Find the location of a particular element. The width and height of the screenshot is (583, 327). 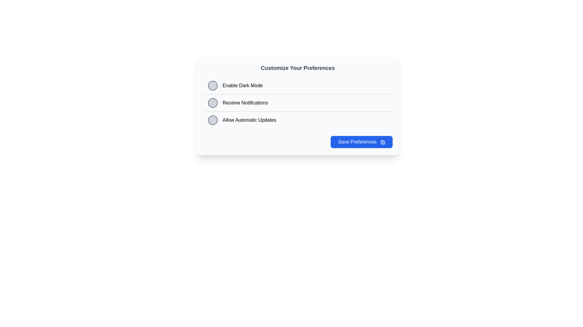

the first list item under the 'Customize Your Preferences' section is located at coordinates (298, 85).